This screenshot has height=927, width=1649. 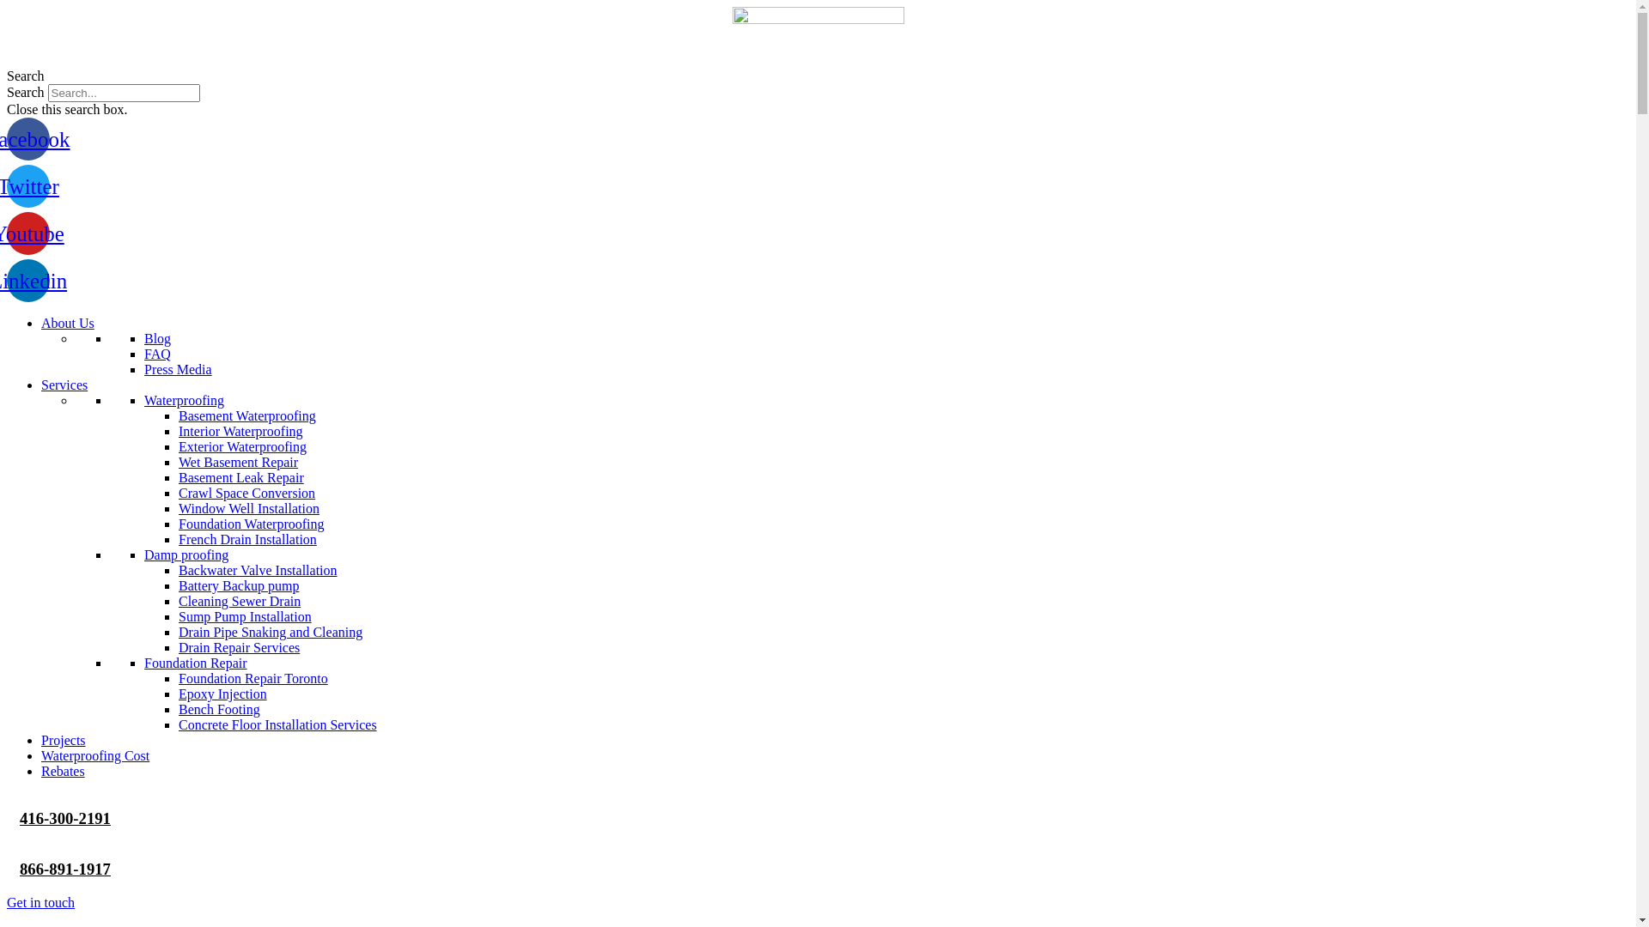 I want to click on 'Crawl Space Conversion', so click(x=246, y=493).